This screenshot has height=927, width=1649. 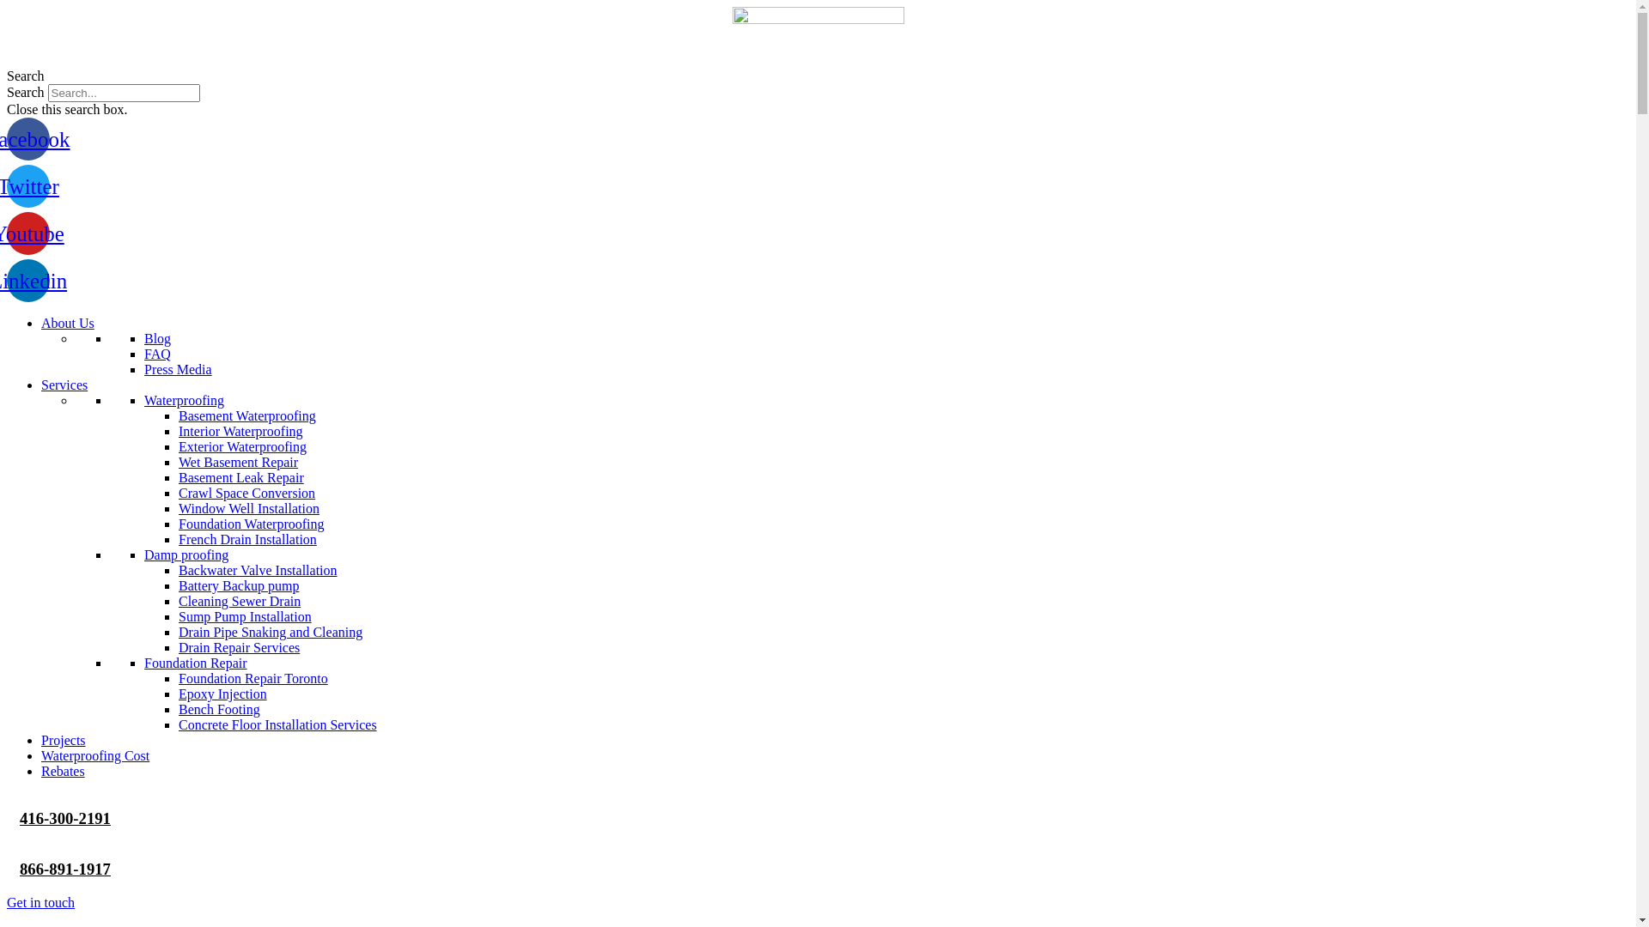 I want to click on 'Crawl Space Conversion', so click(x=246, y=493).